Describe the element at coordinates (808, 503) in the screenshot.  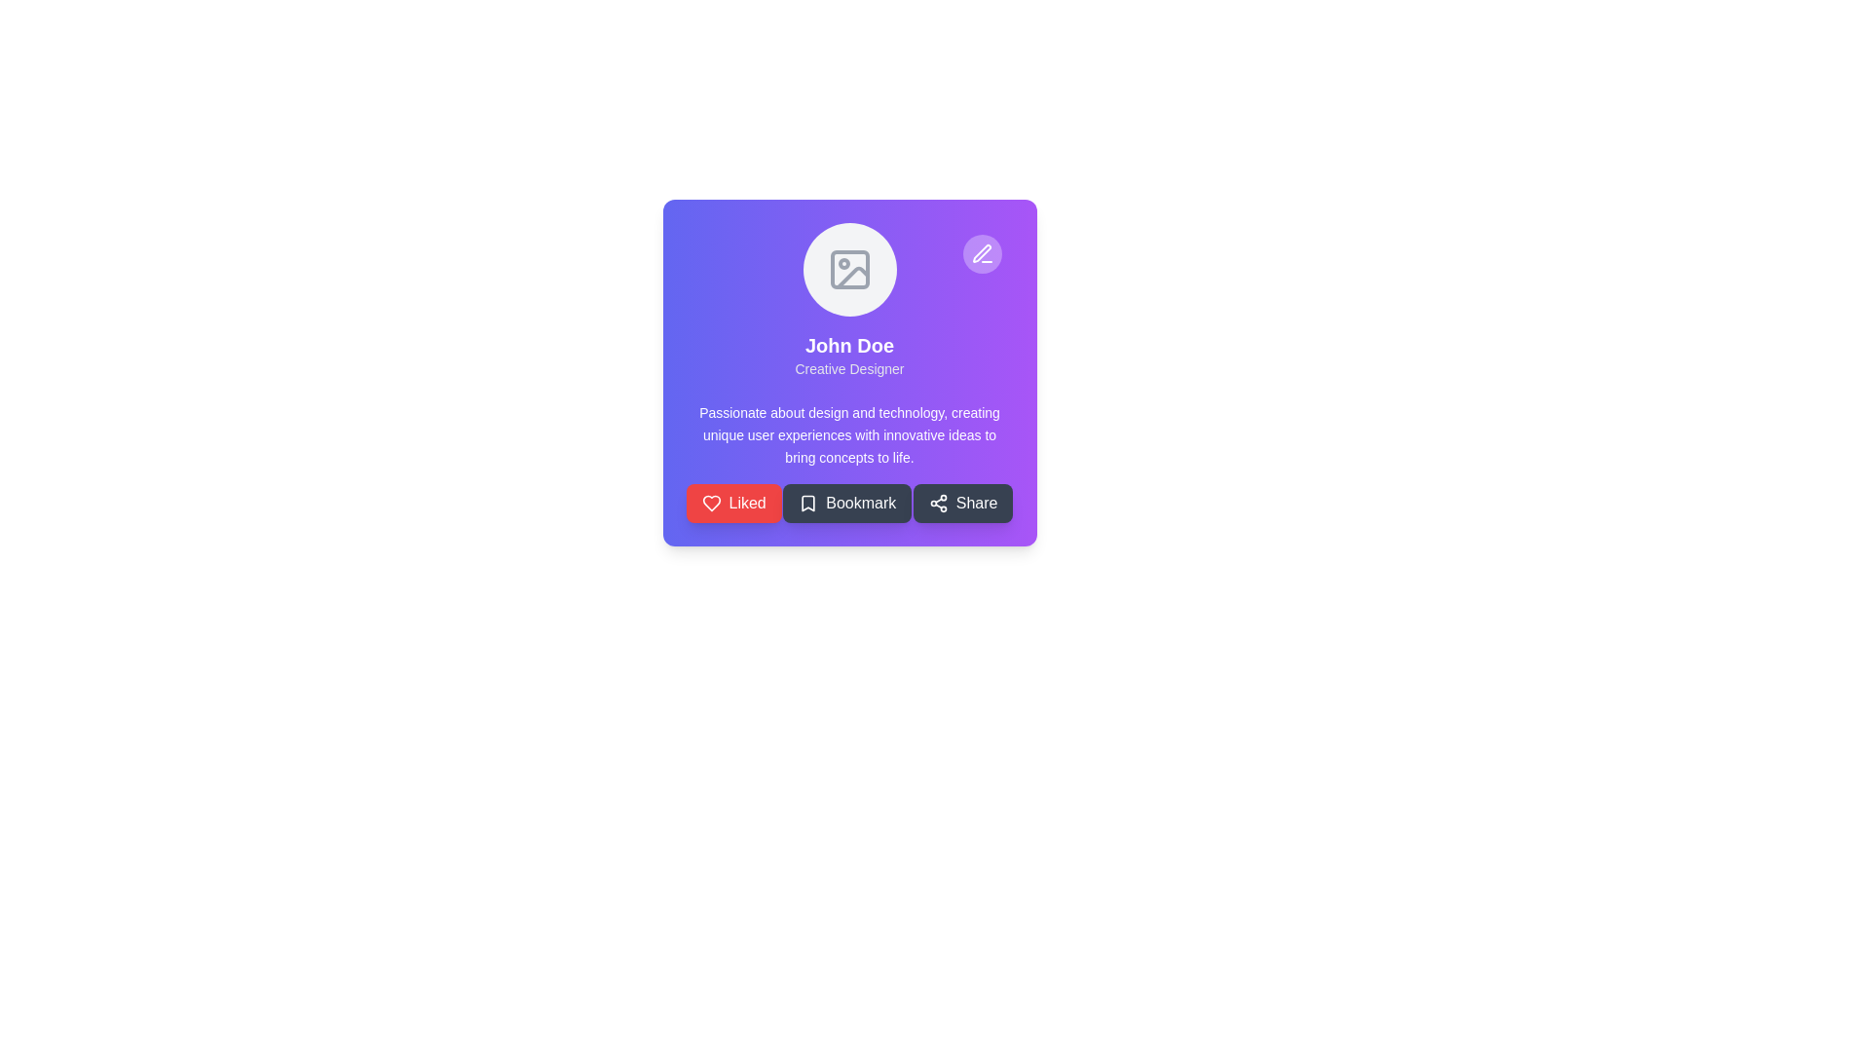
I see `the bookmark icon, which is an outlined vertical rectangle with a pointed bottom, styled with a white stroke against a dark background, located within the 'Bookmark' button below the profile card` at that location.